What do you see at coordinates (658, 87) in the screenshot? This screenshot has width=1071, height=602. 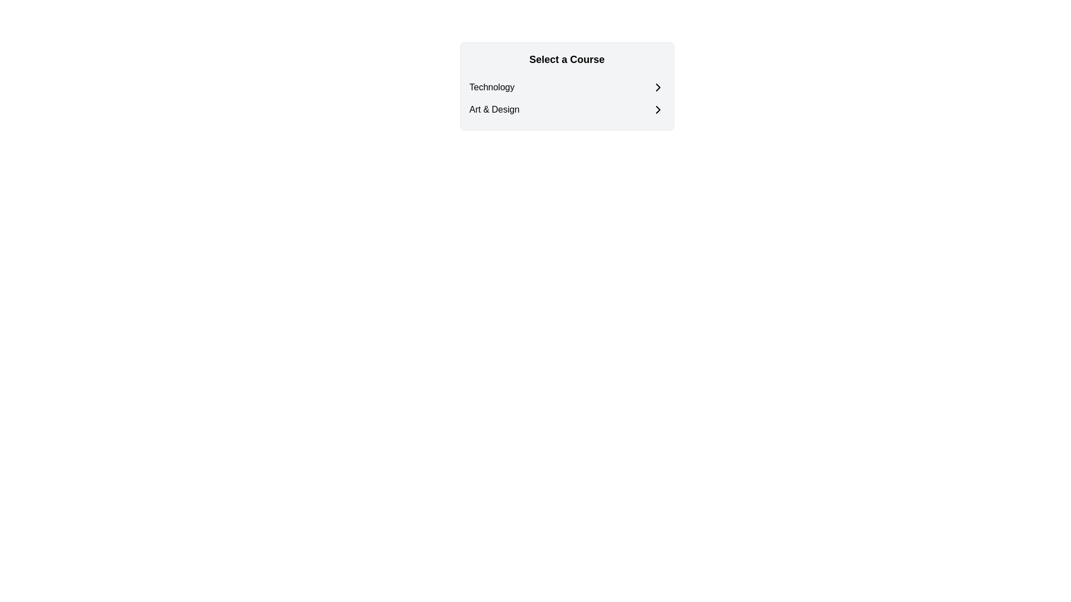 I see `the right-pointing chevron arrow icon located below the 'Technology' label` at bounding box center [658, 87].